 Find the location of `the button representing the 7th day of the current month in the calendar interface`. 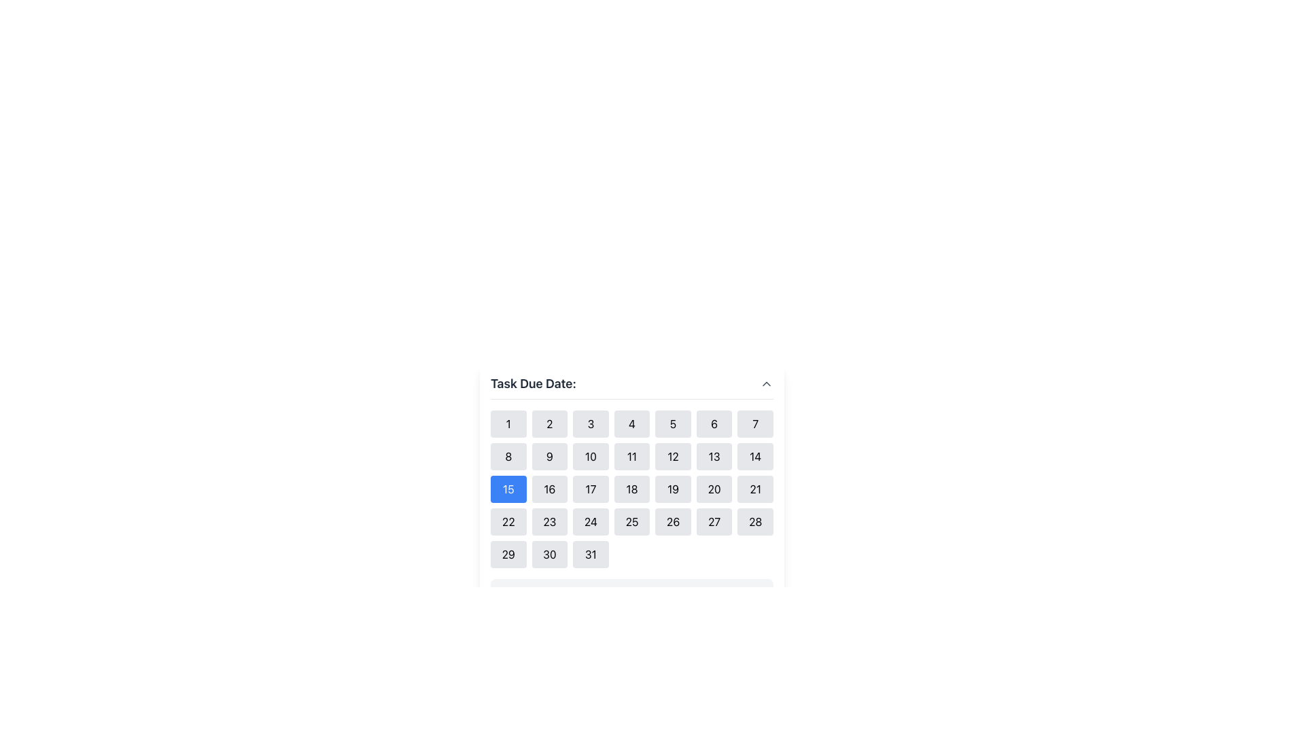

the button representing the 7th day of the current month in the calendar interface is located at coordinates (754, 423).